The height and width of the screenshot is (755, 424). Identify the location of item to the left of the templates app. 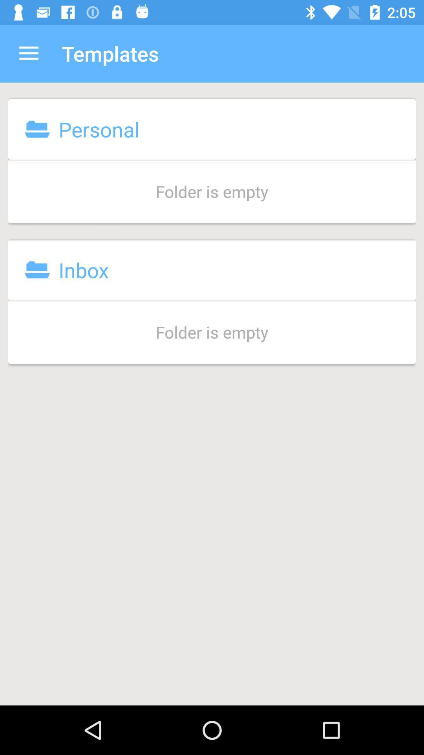
(28, 53).